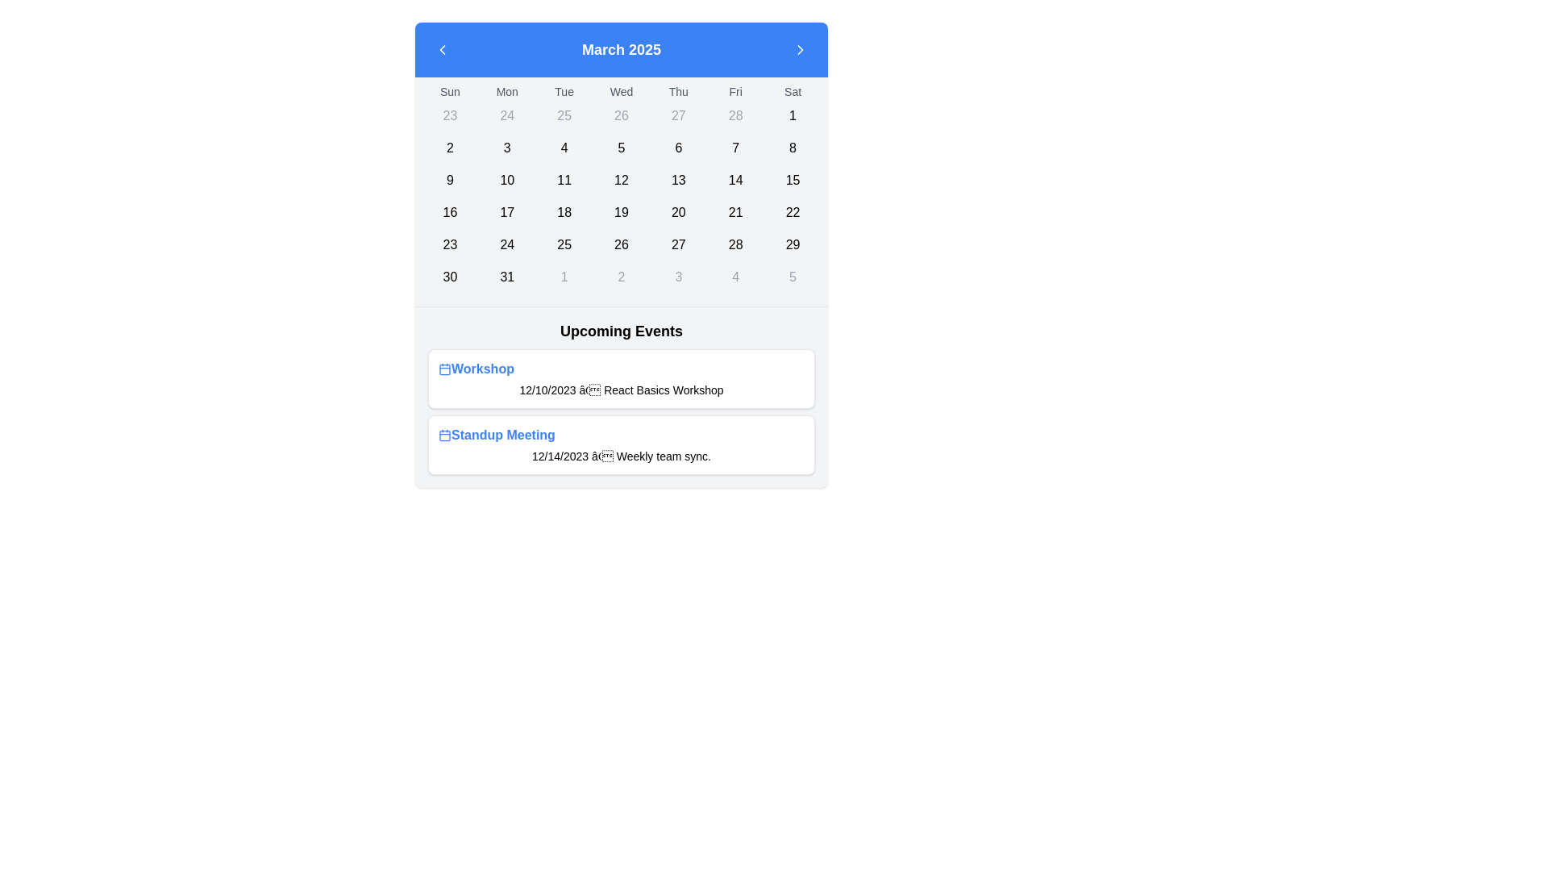 The height and width of the screenshot is (871, 1548). Describe the element at coordinates (734, 115) in the screenshot. I see `the calendar date cell displaying the number '28', which is a rounded square button located under the 'Fri' column in the second row of the calendar grid` at that location.